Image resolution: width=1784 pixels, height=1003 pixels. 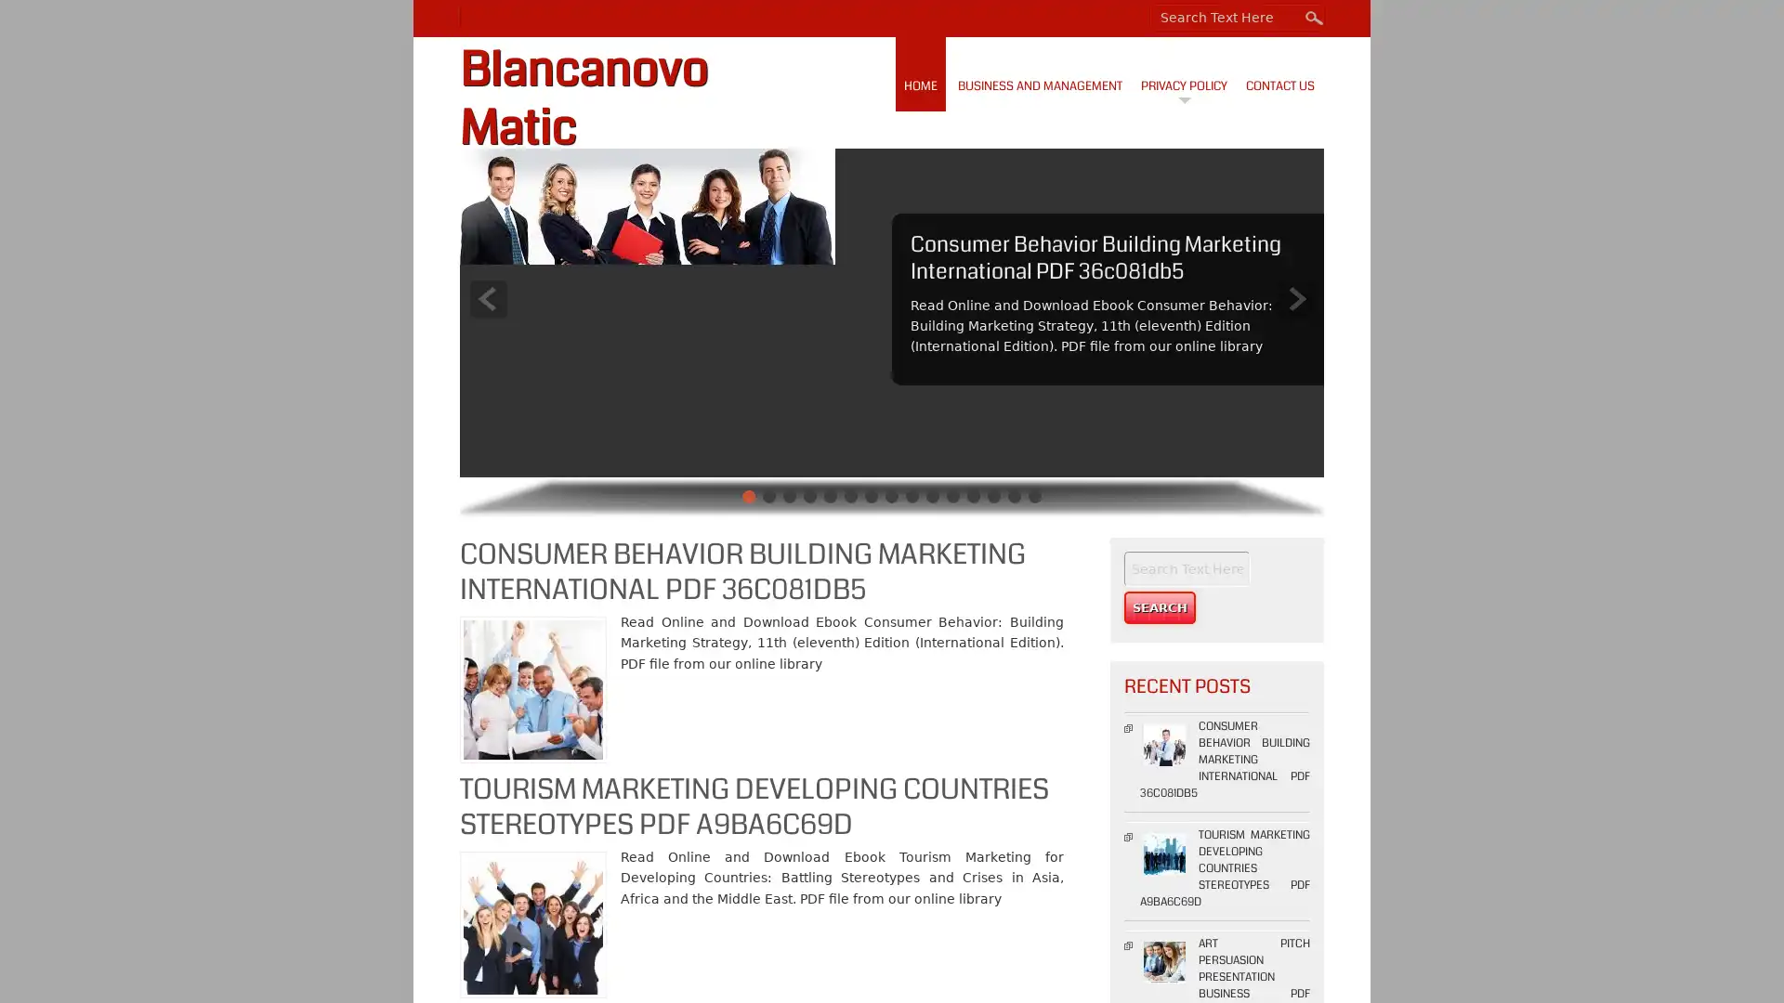 What do you see at coordinates (1159, 607) in the screenshot?
I see `Search` at bounding box center [1159, 607].